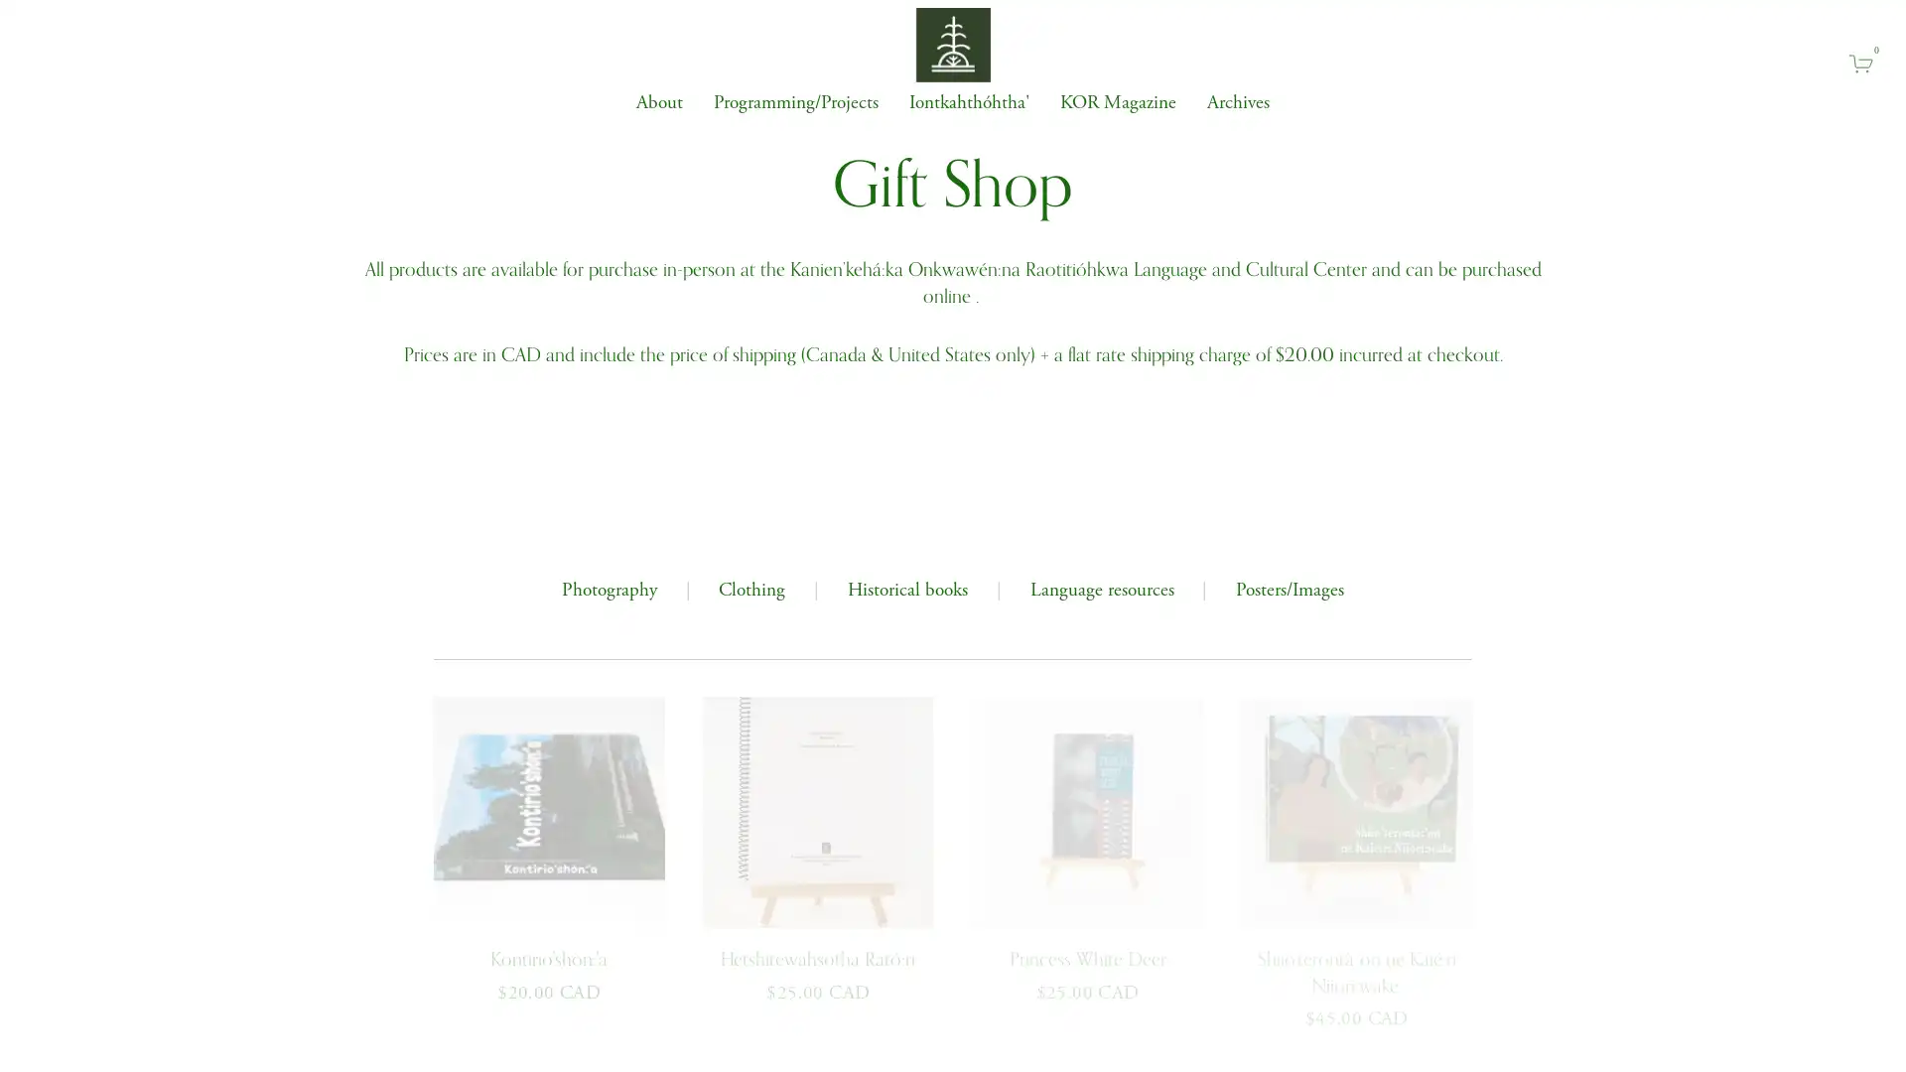 The height and width of the screenshot is (1072, 1906). I want to click on QUICK VIEW, so click(1085, 834).